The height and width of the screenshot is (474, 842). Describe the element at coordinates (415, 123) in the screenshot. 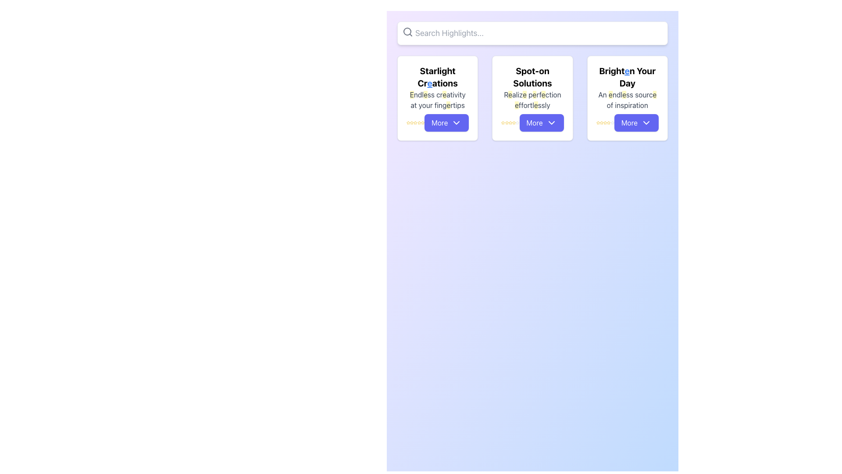

I see `the fifth star icon representing ratings under 'Starlight Creations' in the first card from the left` at that location.